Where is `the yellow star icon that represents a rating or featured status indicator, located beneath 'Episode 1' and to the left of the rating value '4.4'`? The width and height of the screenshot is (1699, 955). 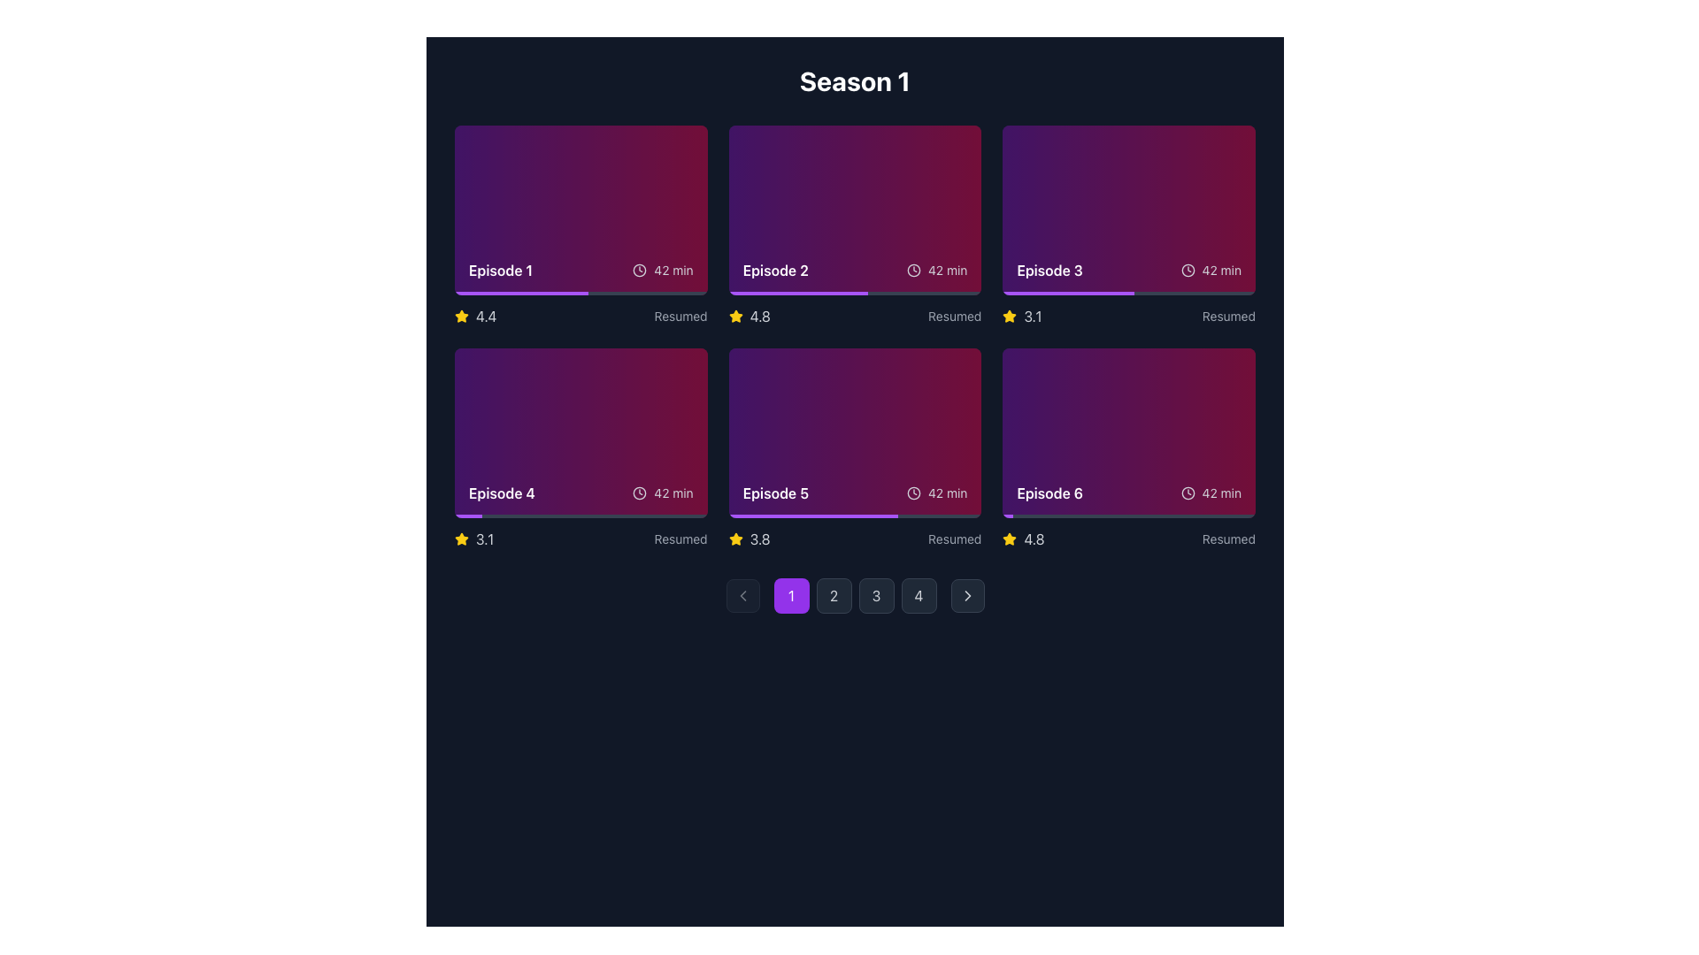
the yellow star icon that represents a rating or featured status indicator, located beneath 'Episode 1' and to the left of the rating value '4.4' is located at coordinates (735, 538).